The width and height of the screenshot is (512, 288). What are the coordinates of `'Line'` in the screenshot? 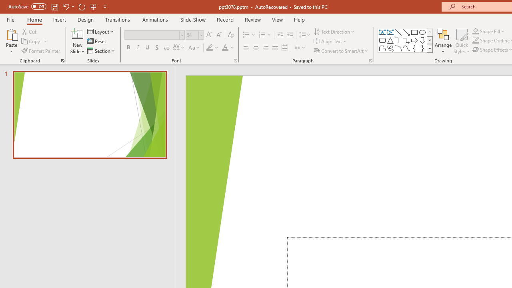 It's located at (398, 32).